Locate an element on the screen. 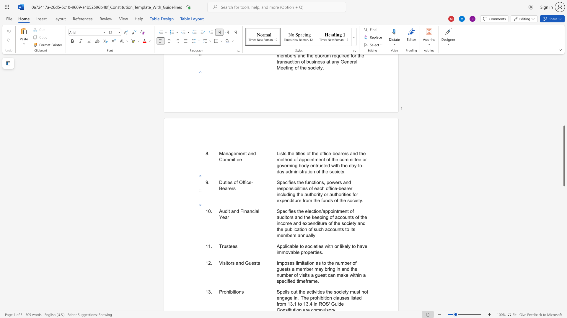 Image resolution: width=567 pixels, height=318 pixels. the space between the continuous character "n" and "d" in the text is located at coordinates (236, 211).